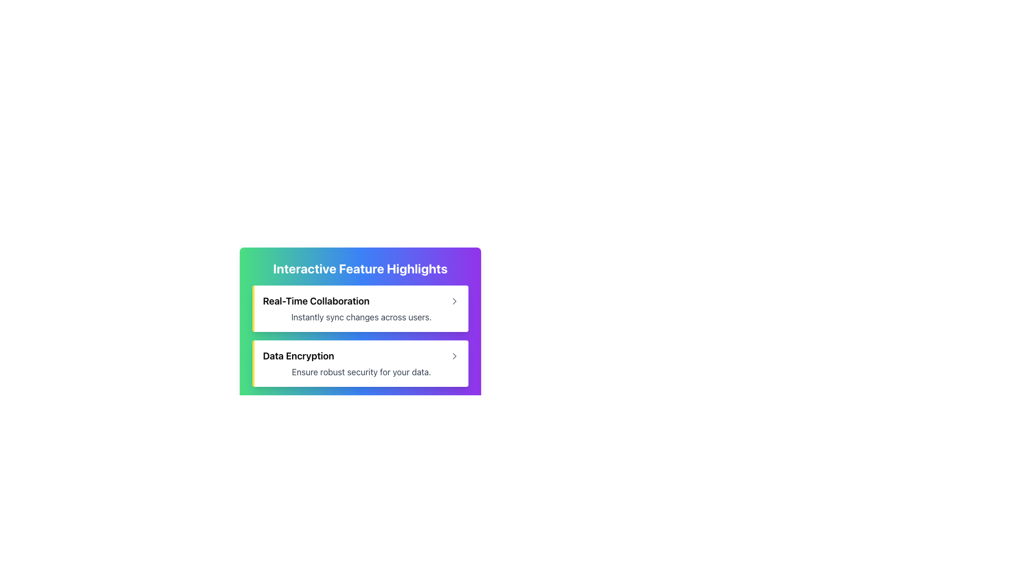 The height and width of the screenshot is (570, 1014). What do you see at coordinates (454, 301) in the screenshot?
I see `the right-pointing chevron icon located in the rightmost area of the card labeled 'Real-Time Collaboration'` at bounding box center [454, 301].